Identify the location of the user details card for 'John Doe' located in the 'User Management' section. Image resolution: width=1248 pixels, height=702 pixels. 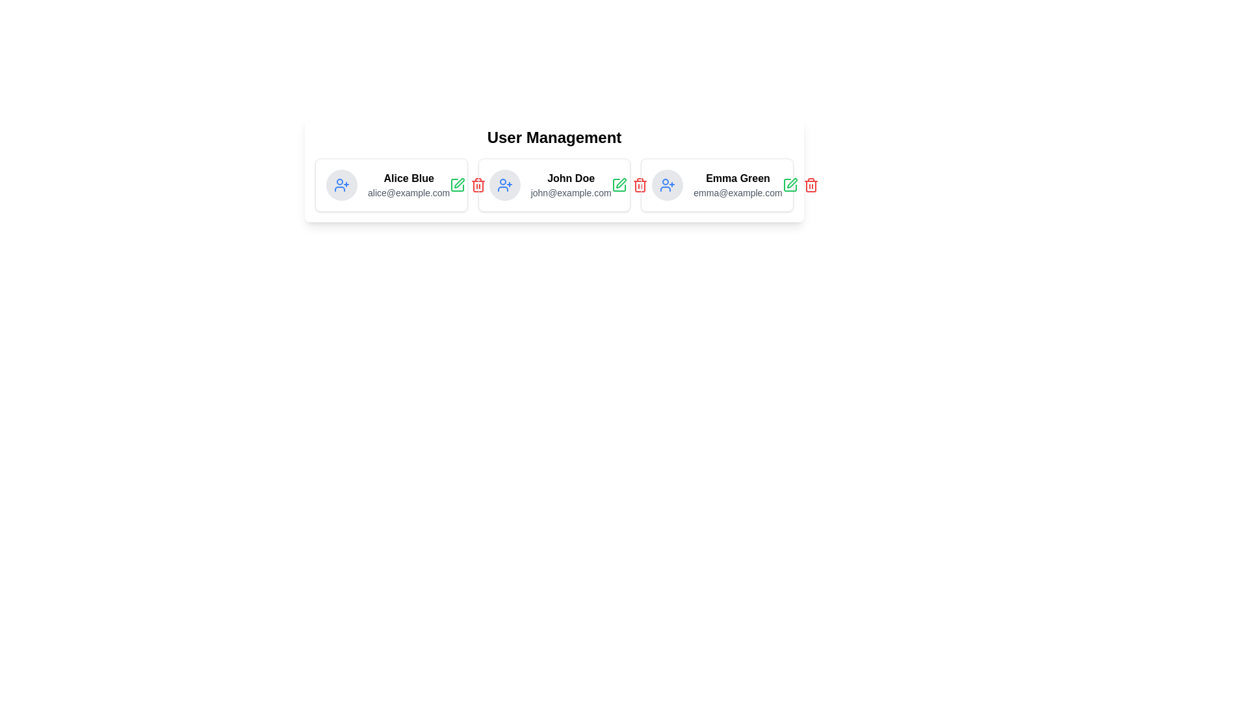
(550, 185).